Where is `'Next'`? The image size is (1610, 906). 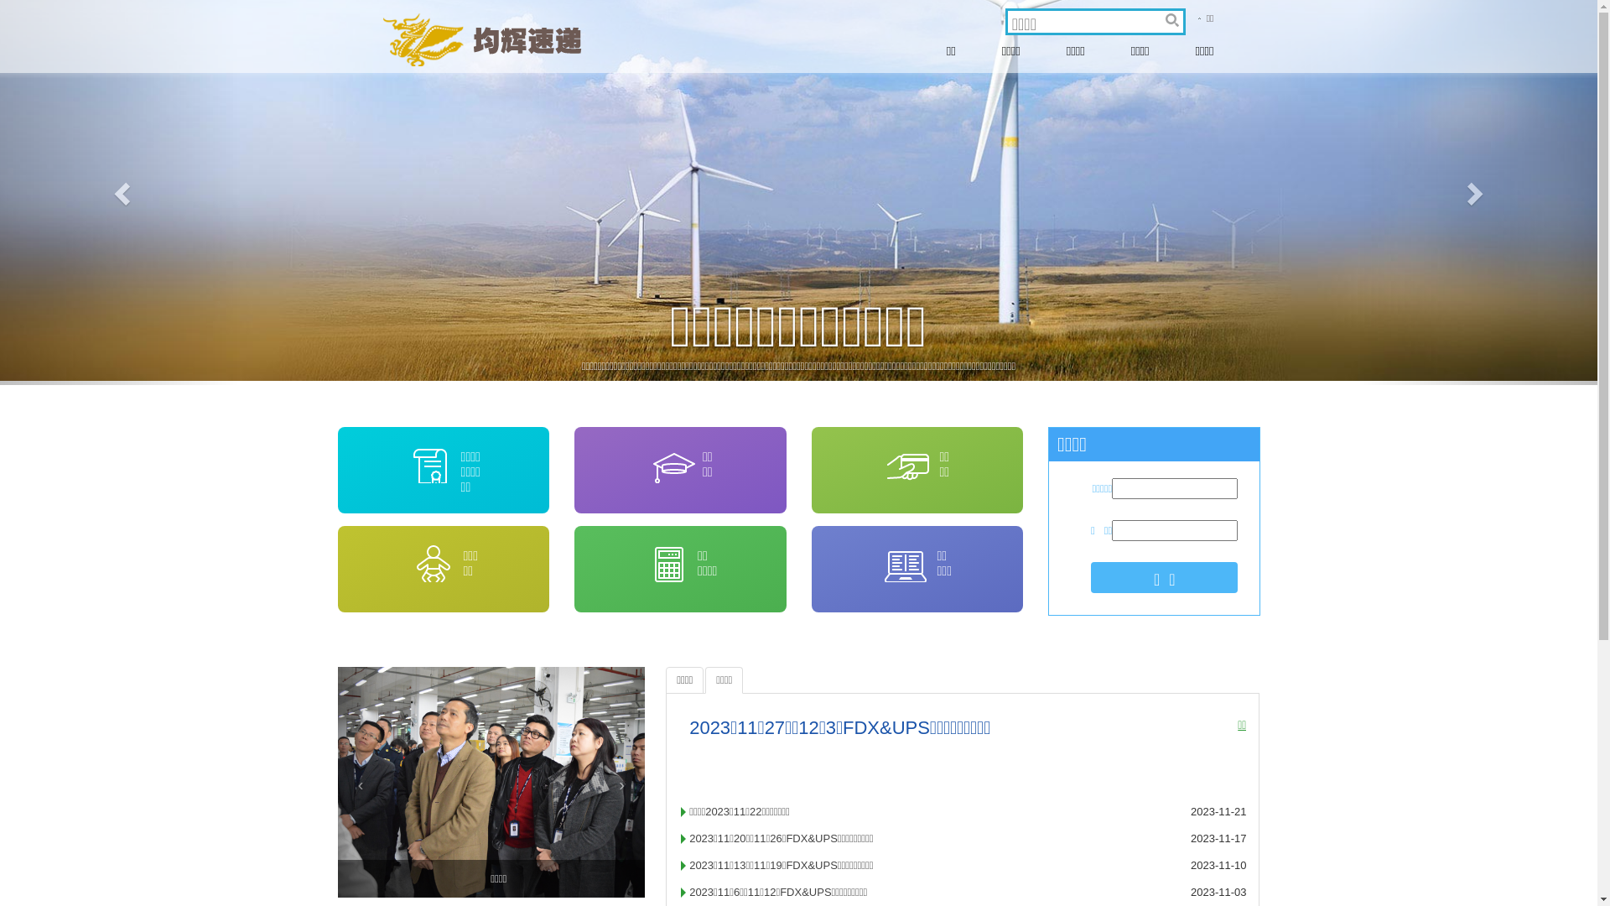 'Next' is located at coordinates (1477, 191).